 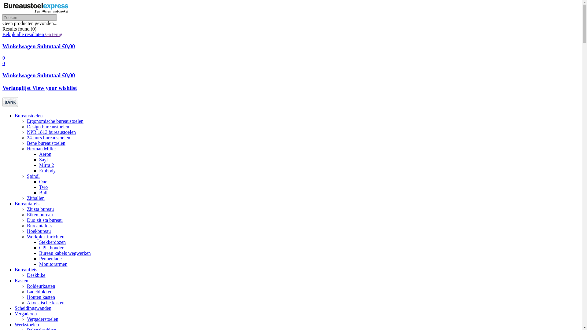 What do you see at coordinates (36, 275) in the screenshot?
I see `'Deskbike'` at bounding box center [36, 275].